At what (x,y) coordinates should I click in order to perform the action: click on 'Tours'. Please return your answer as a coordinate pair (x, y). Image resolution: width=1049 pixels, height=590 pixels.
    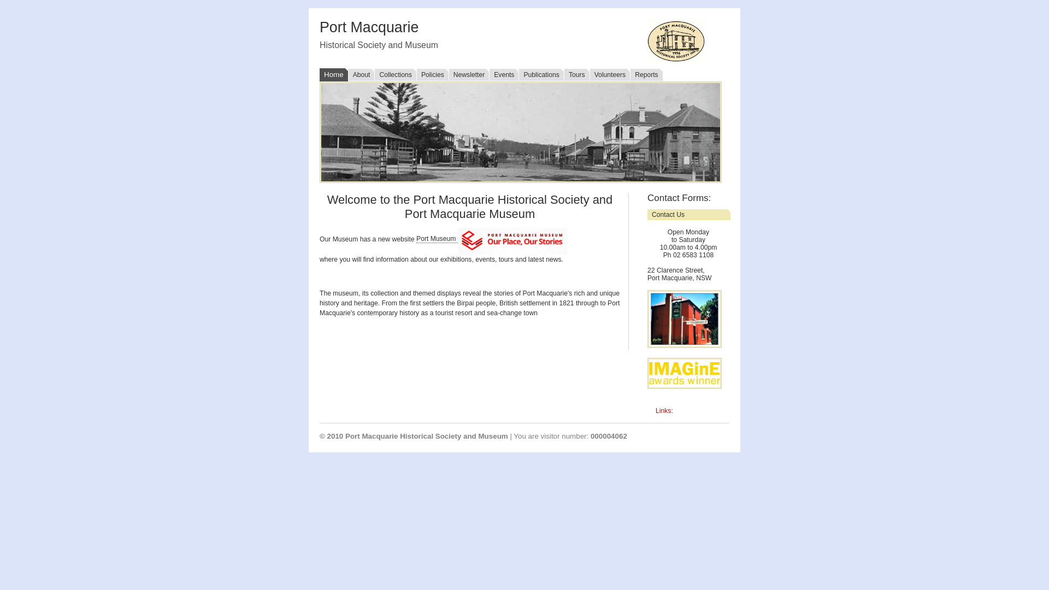
    Looking at the image, I should click on (576, 74).